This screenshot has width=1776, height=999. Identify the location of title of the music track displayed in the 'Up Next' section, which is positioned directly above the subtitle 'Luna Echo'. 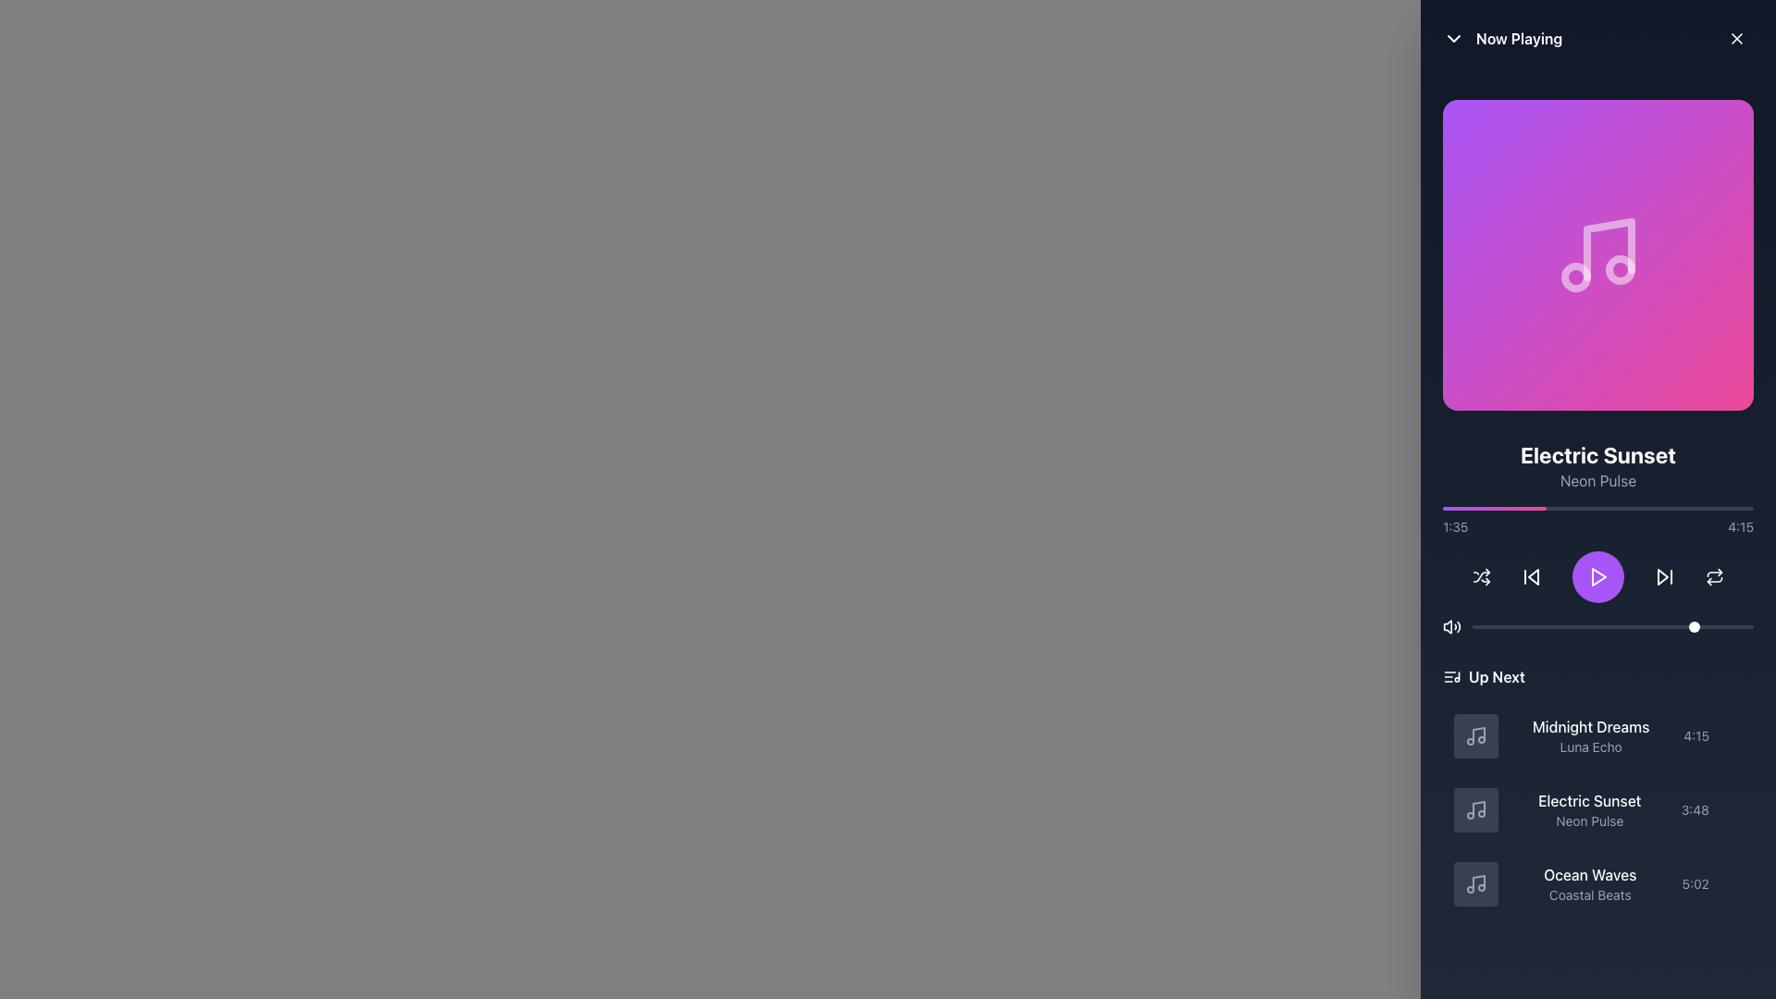
(1590, 726).